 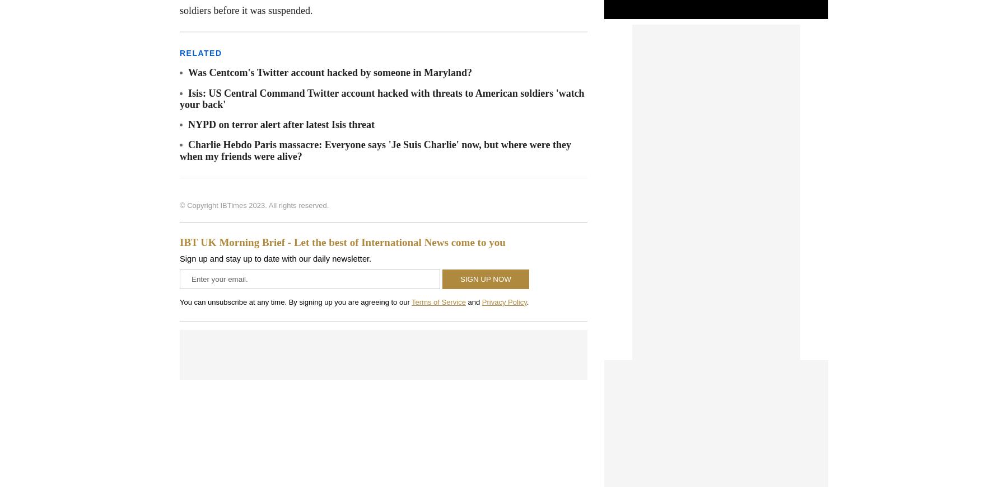 What do you see at coordinates (281, 124) in the screenshot?
I see `'NYPD on terror alert after latest Isis threat'` at bounding box center [281, 124].